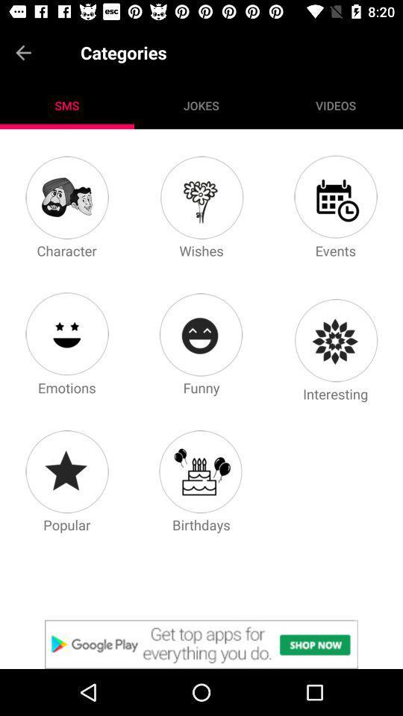 This screenshot has width=403, height=716. I want to click on popular, so click(66, 471).